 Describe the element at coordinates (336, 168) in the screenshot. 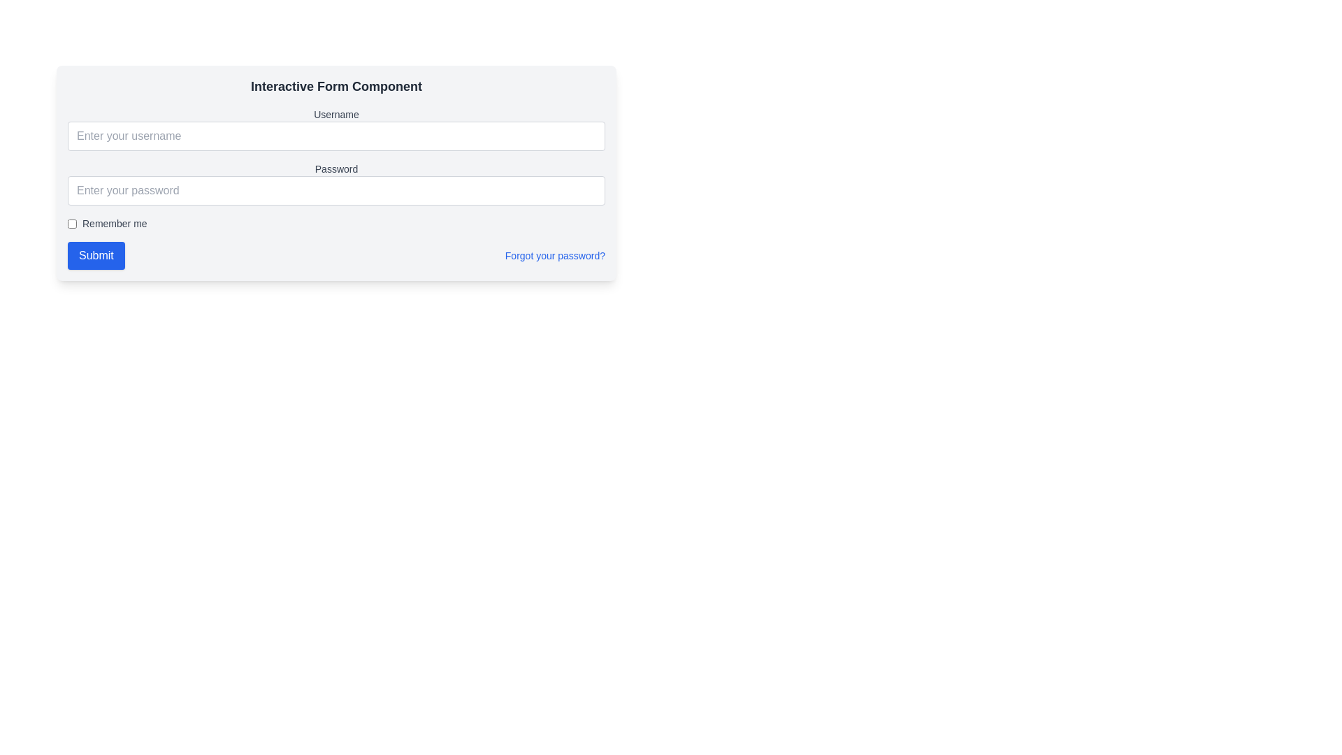

I see `text label that guides users to input their password in the associated field, located above the password input field` at that location.